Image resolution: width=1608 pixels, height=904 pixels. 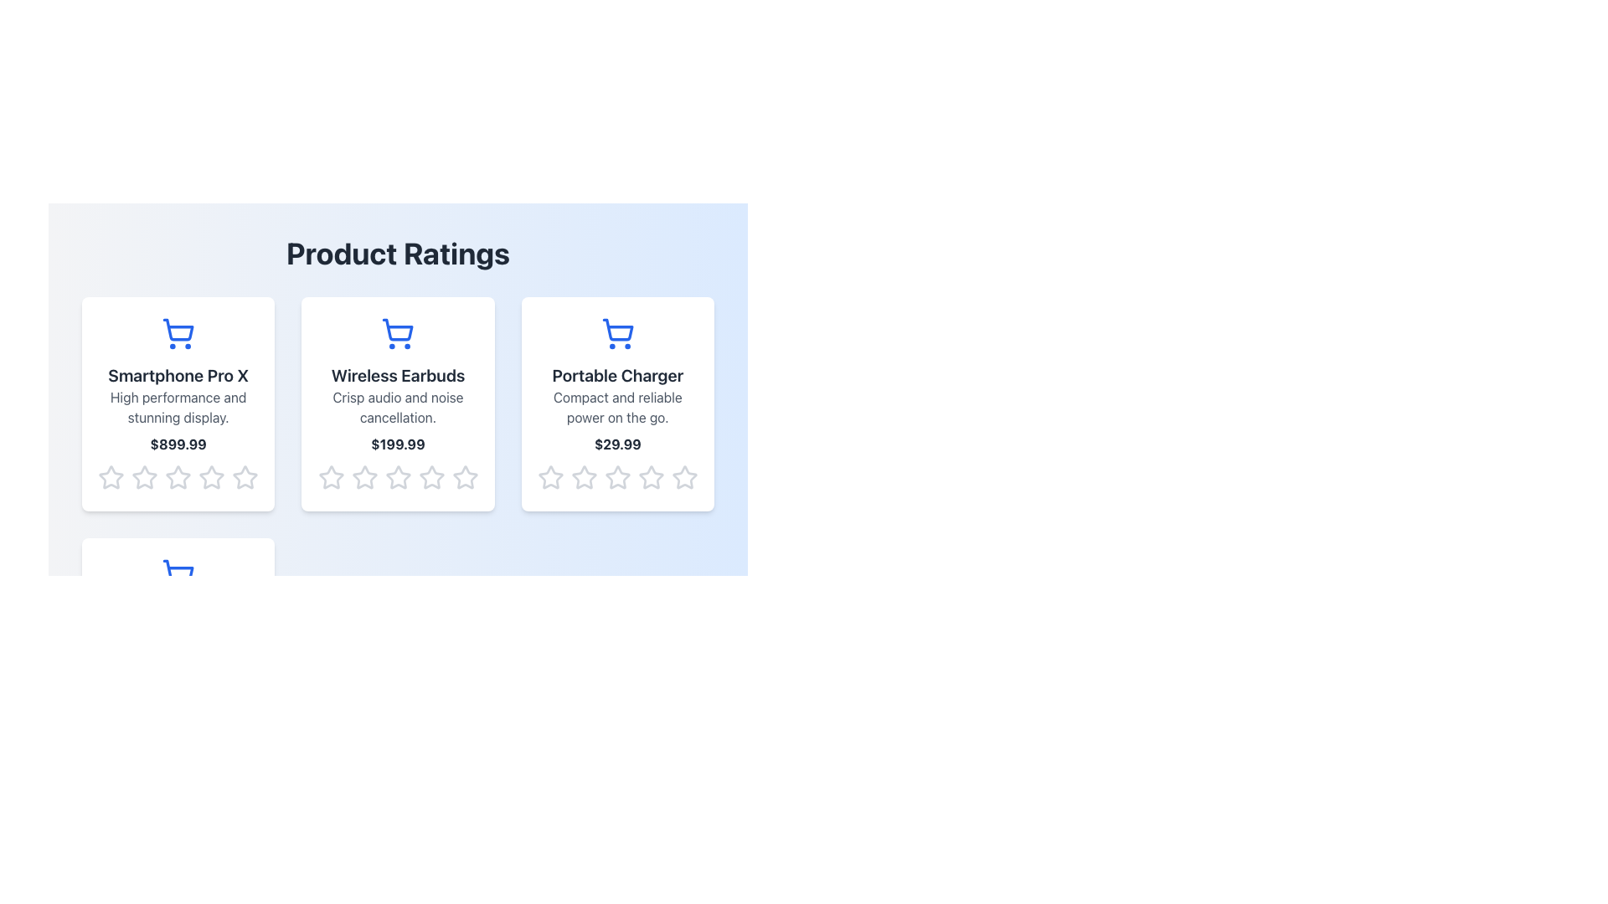 What do you see at coordinates (397, 477) in the screenshot?
I see `the fourth star-shaped icon with a hollow center in the rating scale under the 'Wireless Earbuds' product card` at bounding box center [397, 477].